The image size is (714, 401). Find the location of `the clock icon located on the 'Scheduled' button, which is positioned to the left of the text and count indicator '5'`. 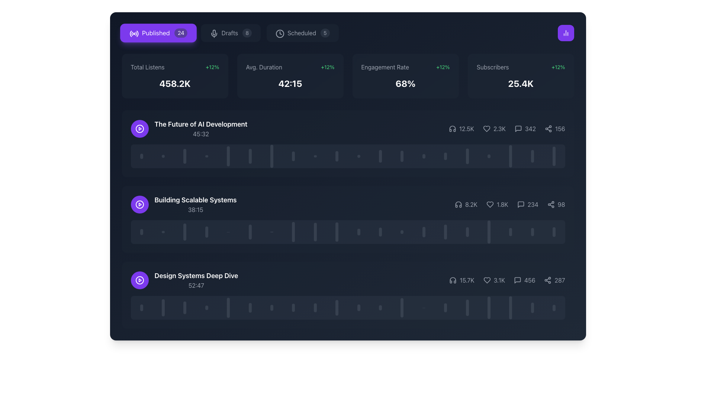

the clock icon located on the 'Scheduled' button, which is positioned to the left of the text and count indicator '5' is located at coordinates (279, 32).